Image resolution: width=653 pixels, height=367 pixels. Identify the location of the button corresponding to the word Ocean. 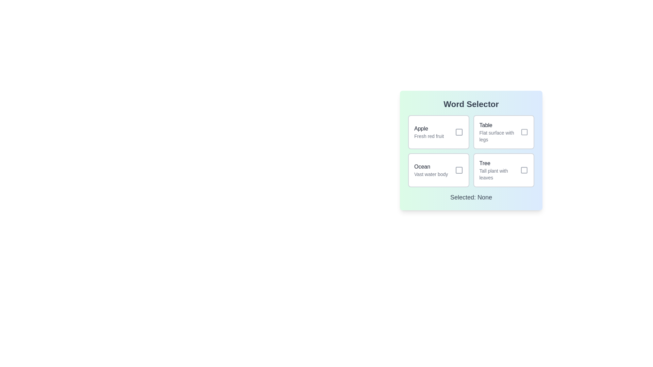
(438, 170).